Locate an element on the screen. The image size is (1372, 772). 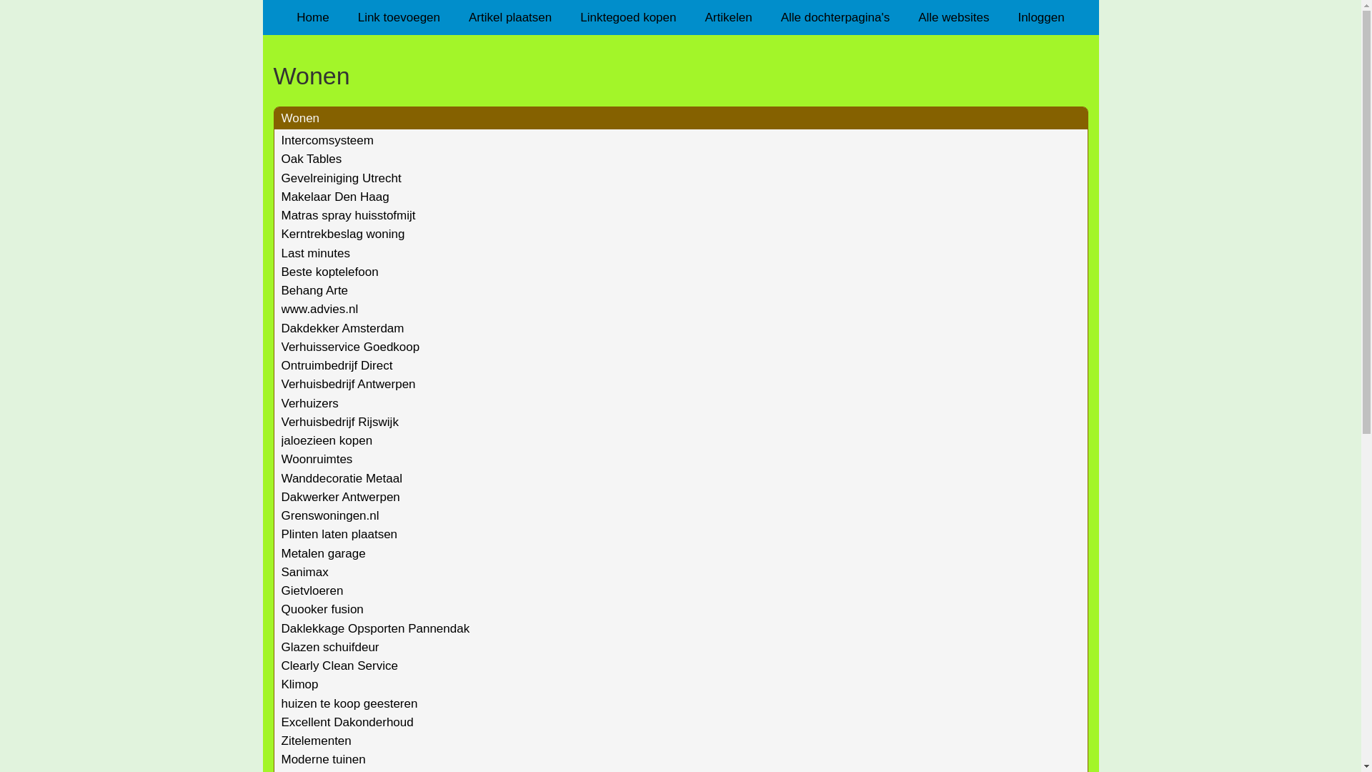
'Glazen schuifdeur' is located at coordinates (329, 647).